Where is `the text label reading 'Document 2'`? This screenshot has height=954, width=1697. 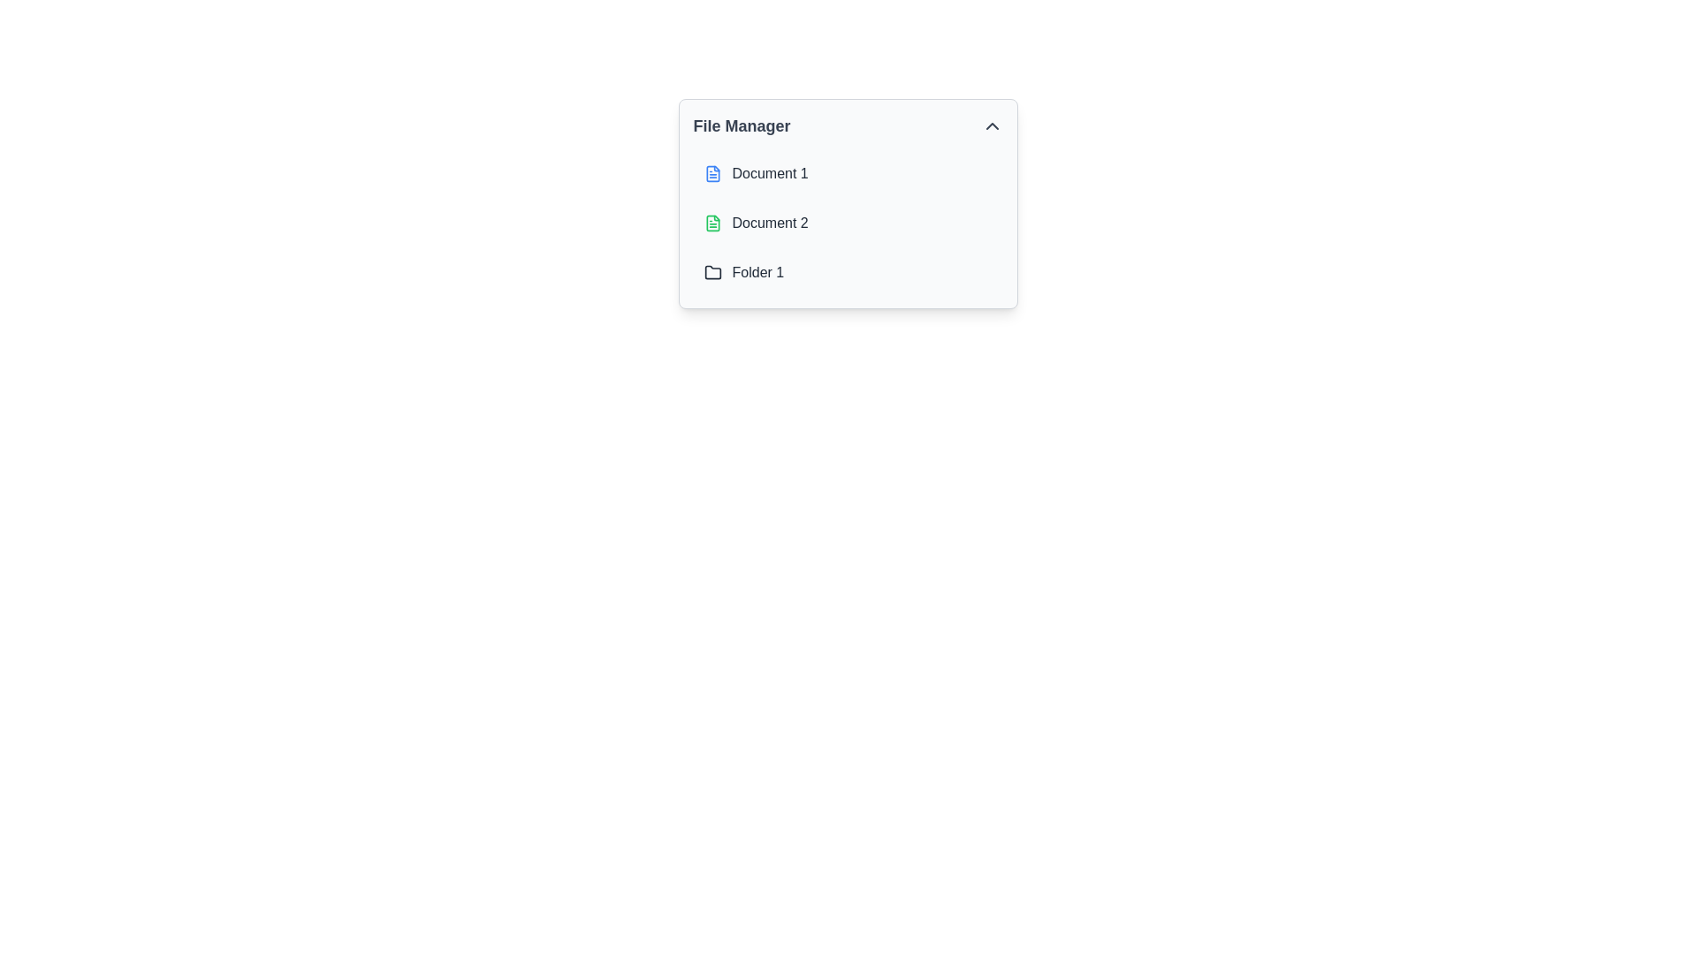 the text label reading 'Document 2' is located at coordinates (770, 223).